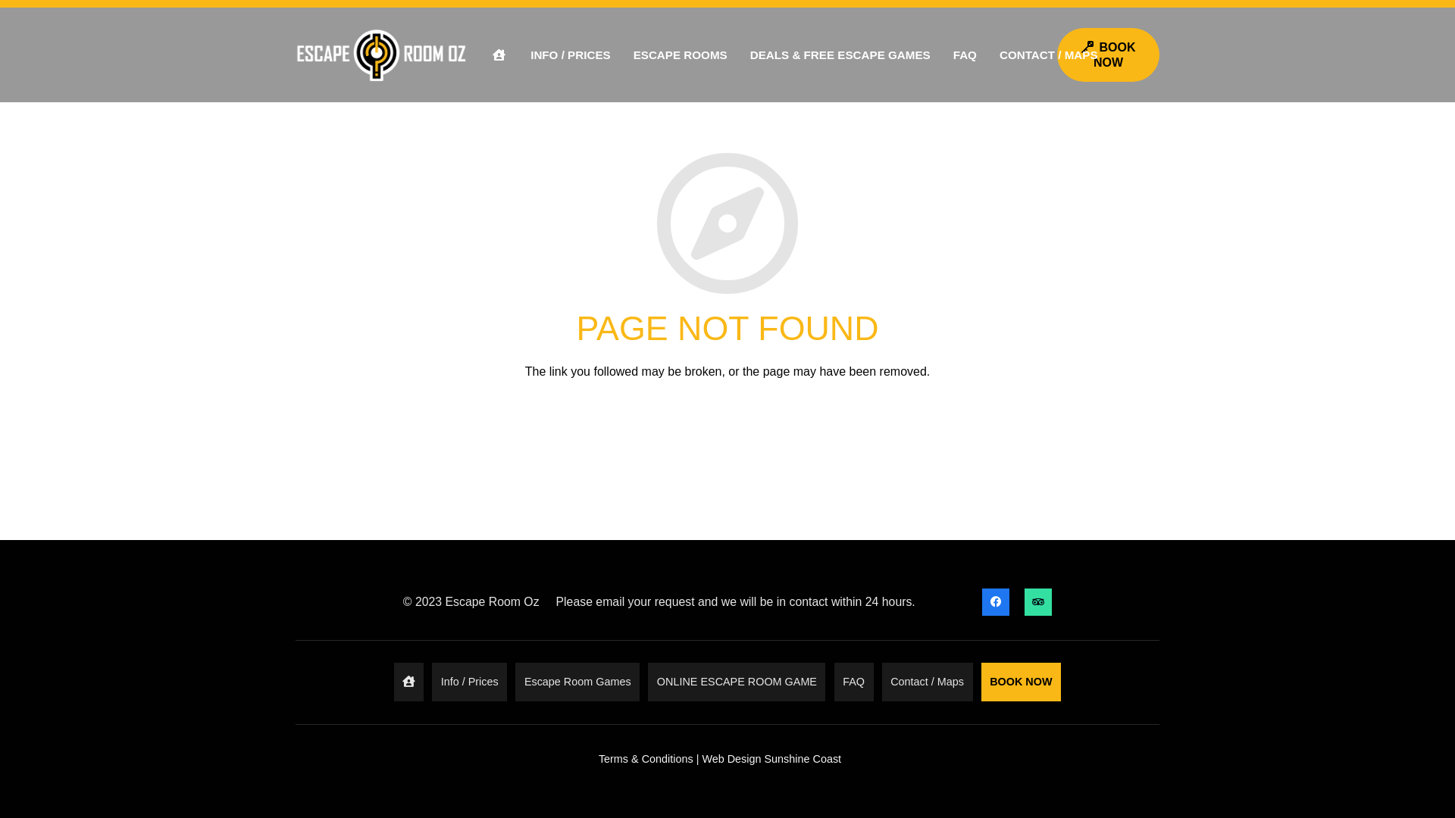 The height and width of the screenshot is (818, 1455). I want to click on 'Tripadvisor', so click(1037, 601).